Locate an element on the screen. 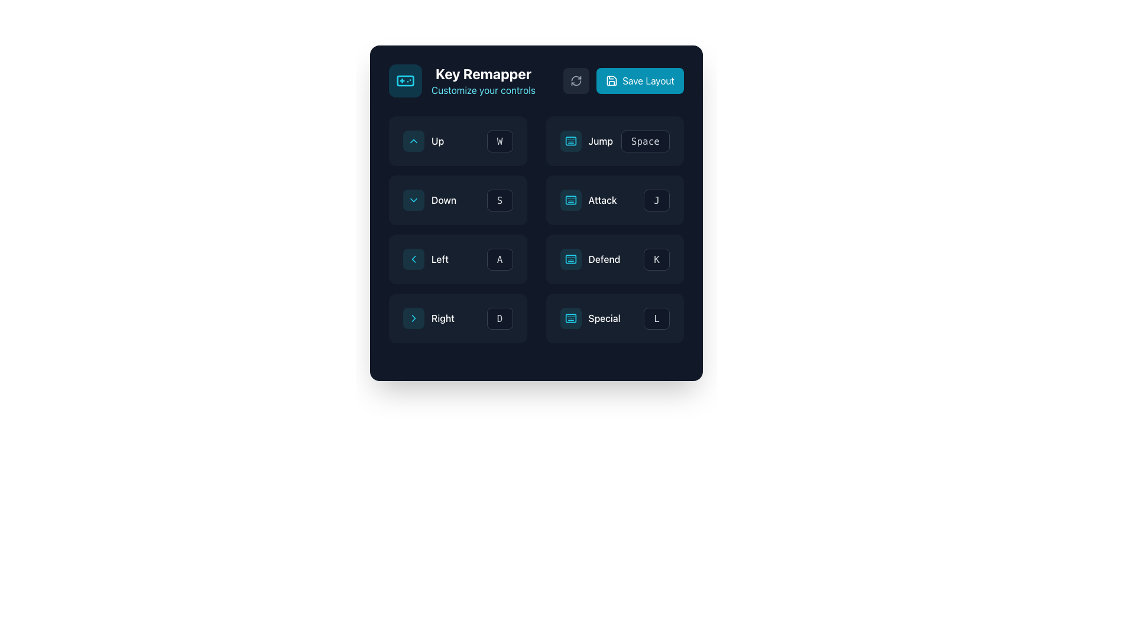 The height and width of the screenshot is (638, 1135). the button labeled 'K' in the 'Defend' row to modify the key assignment is located at coordinates (656, 259).